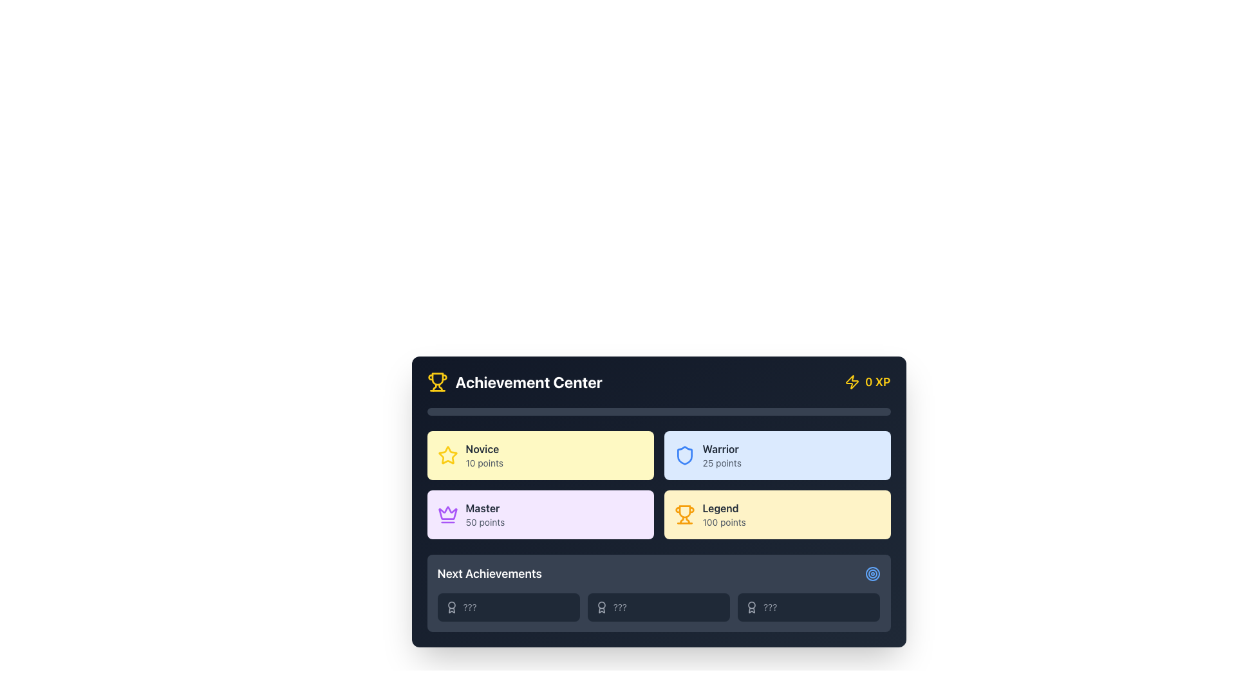 The image size is (1236, 695). Describe the element at coordinates (540, 455) in the screenshot. I see `the Interactive card labeled 'Novice', which displays 10 points and is located in the top-left corner of a 2x2 grid of achievement level cards` at that location.